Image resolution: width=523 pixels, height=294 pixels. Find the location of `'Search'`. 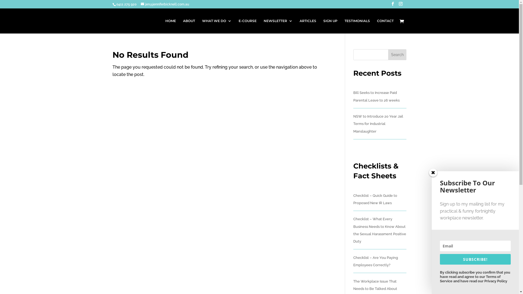

'Search' is located at coordinates (397, 54).